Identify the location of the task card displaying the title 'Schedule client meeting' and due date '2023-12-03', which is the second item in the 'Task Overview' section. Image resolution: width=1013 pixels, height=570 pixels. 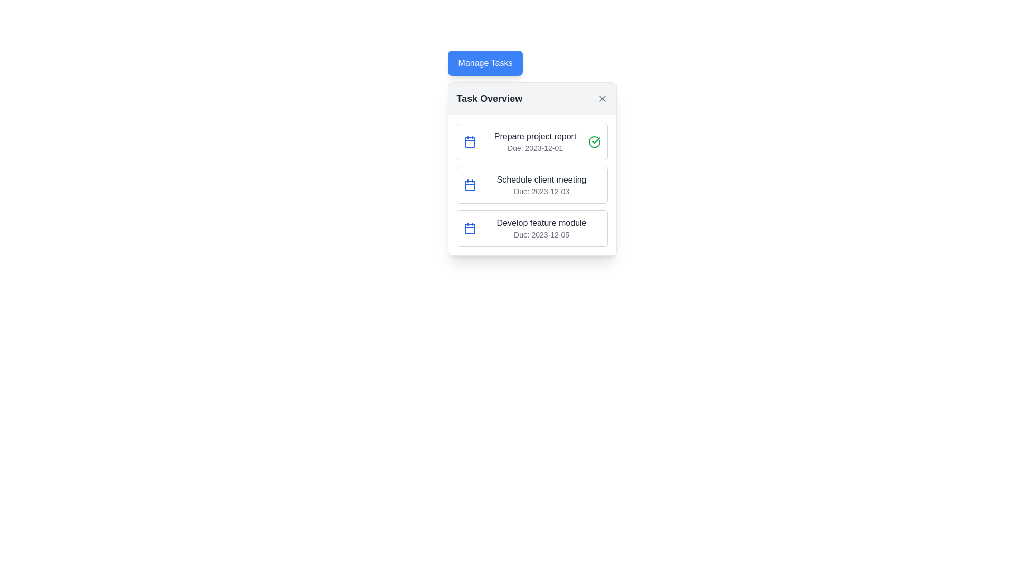
(532, 185).